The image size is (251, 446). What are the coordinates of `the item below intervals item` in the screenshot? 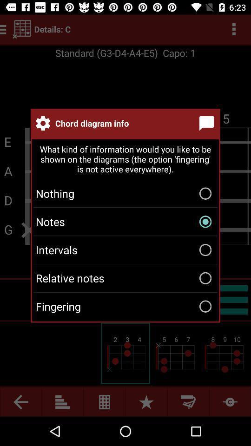 It's located at (125, 278).